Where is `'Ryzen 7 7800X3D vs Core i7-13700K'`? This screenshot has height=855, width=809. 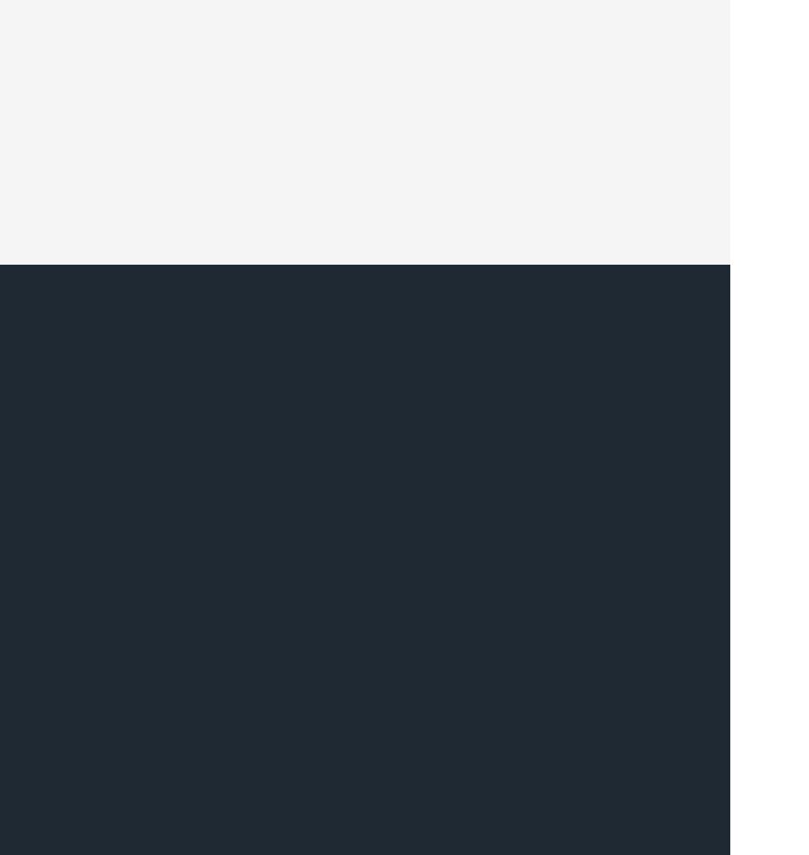 'Ryzen 7 7800X3D vs Core i7-13700K' is located at coordinates (222, 448).